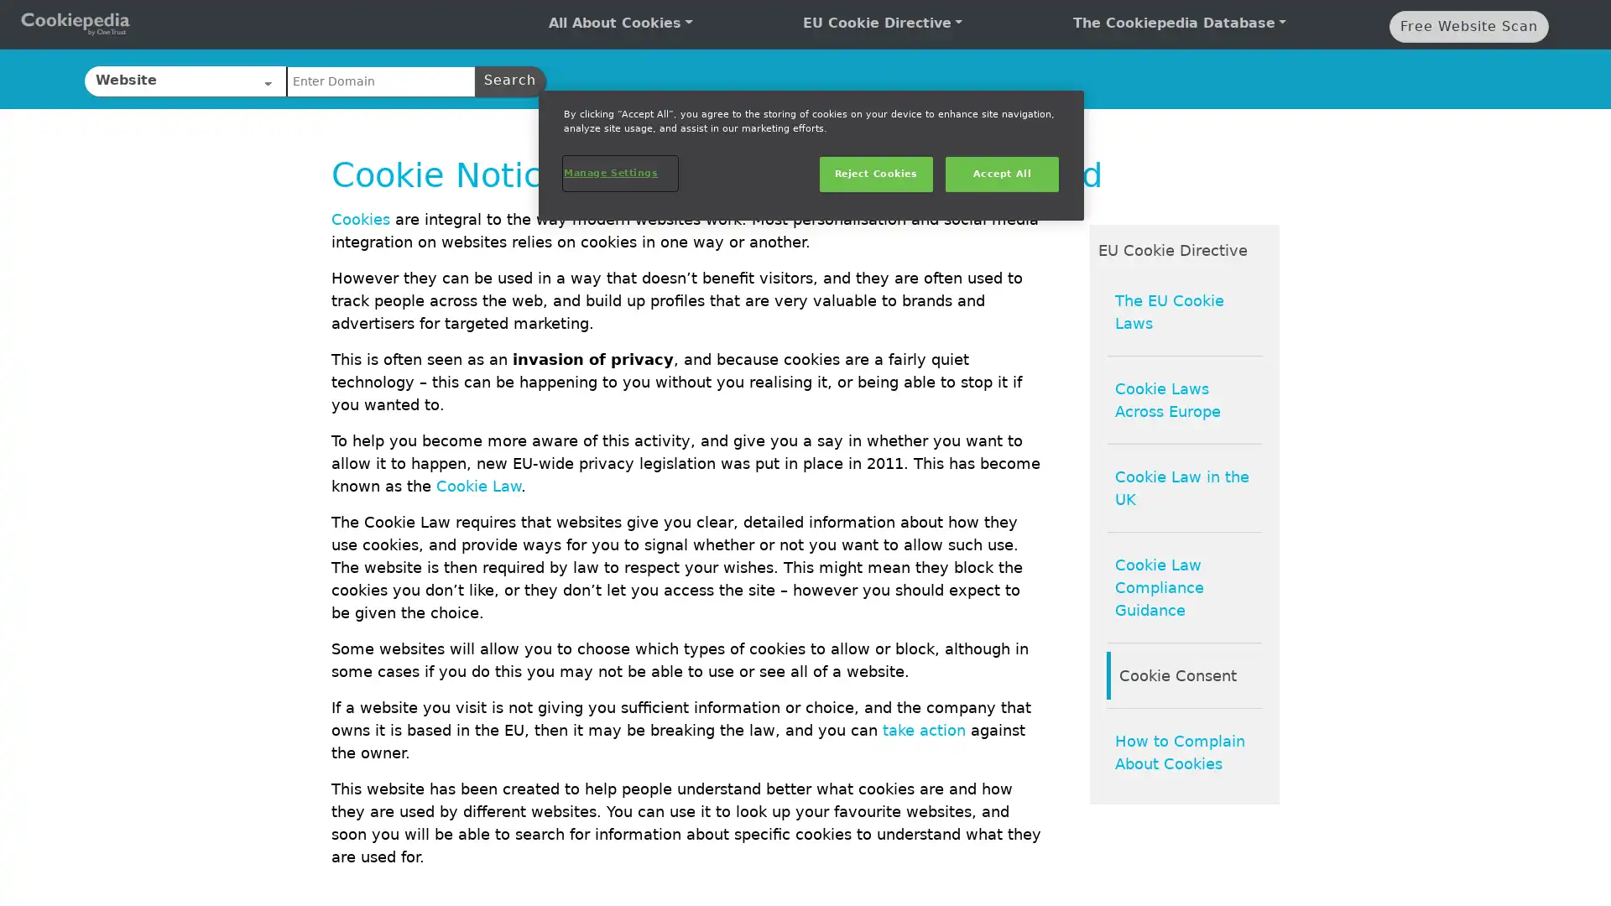 The image size is (1611, 906). Describe the element at coordinates (874, 174) in the screenshot. I see `Reject Cookies` at that location.